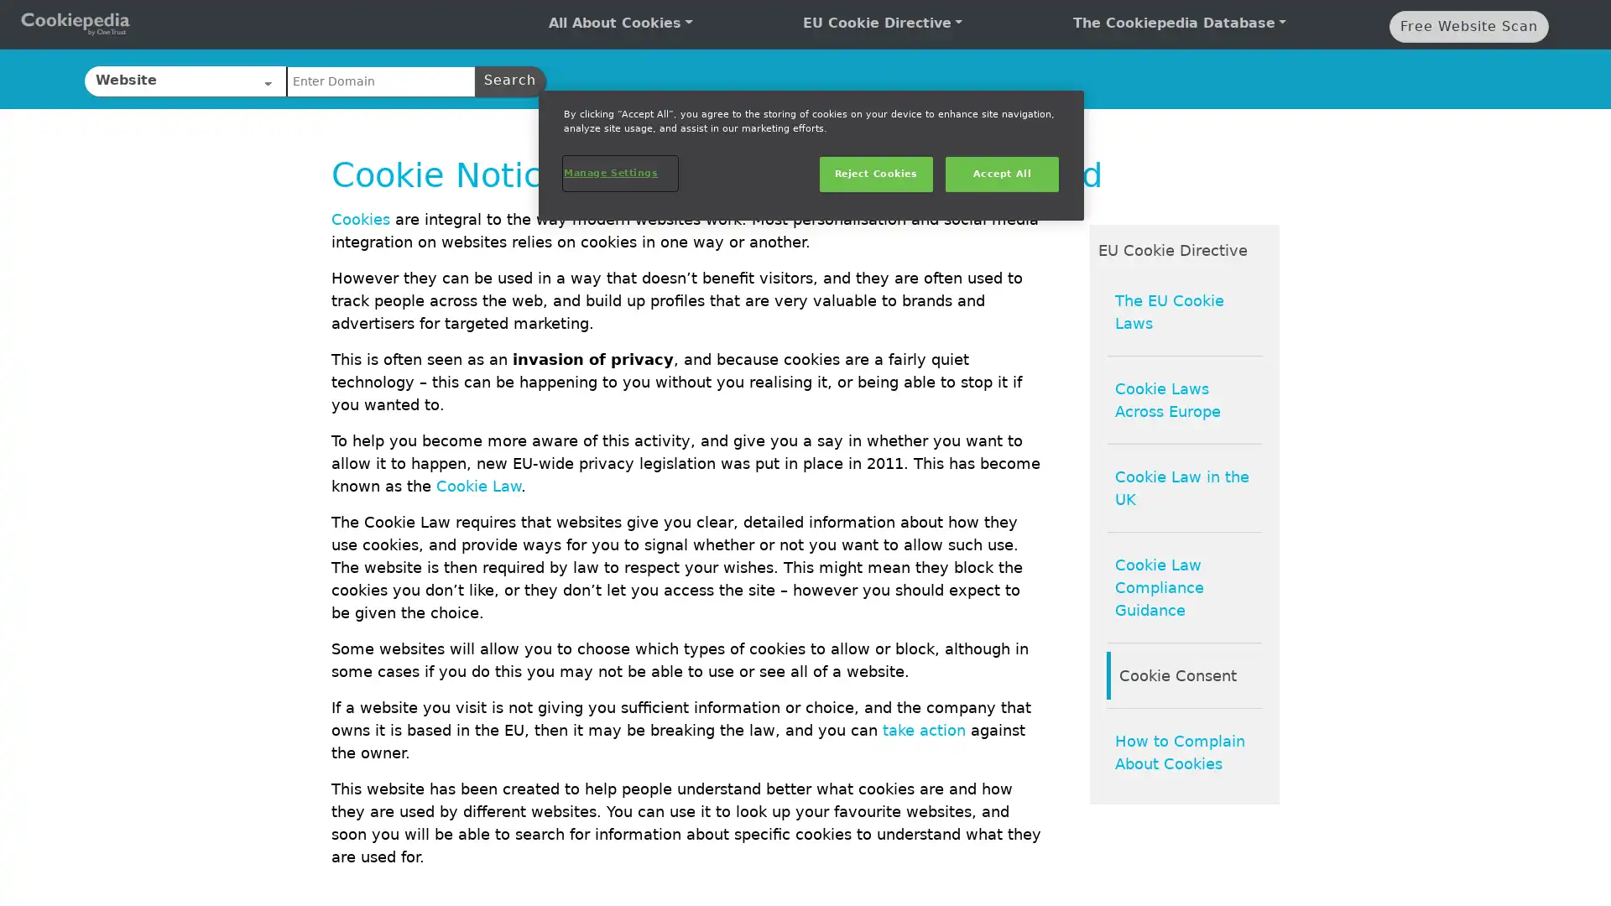 The image size is (1611, 906). Describe the element at coordinates (874, 174) in the screenshot. I see `Reject Cookies` at that location.